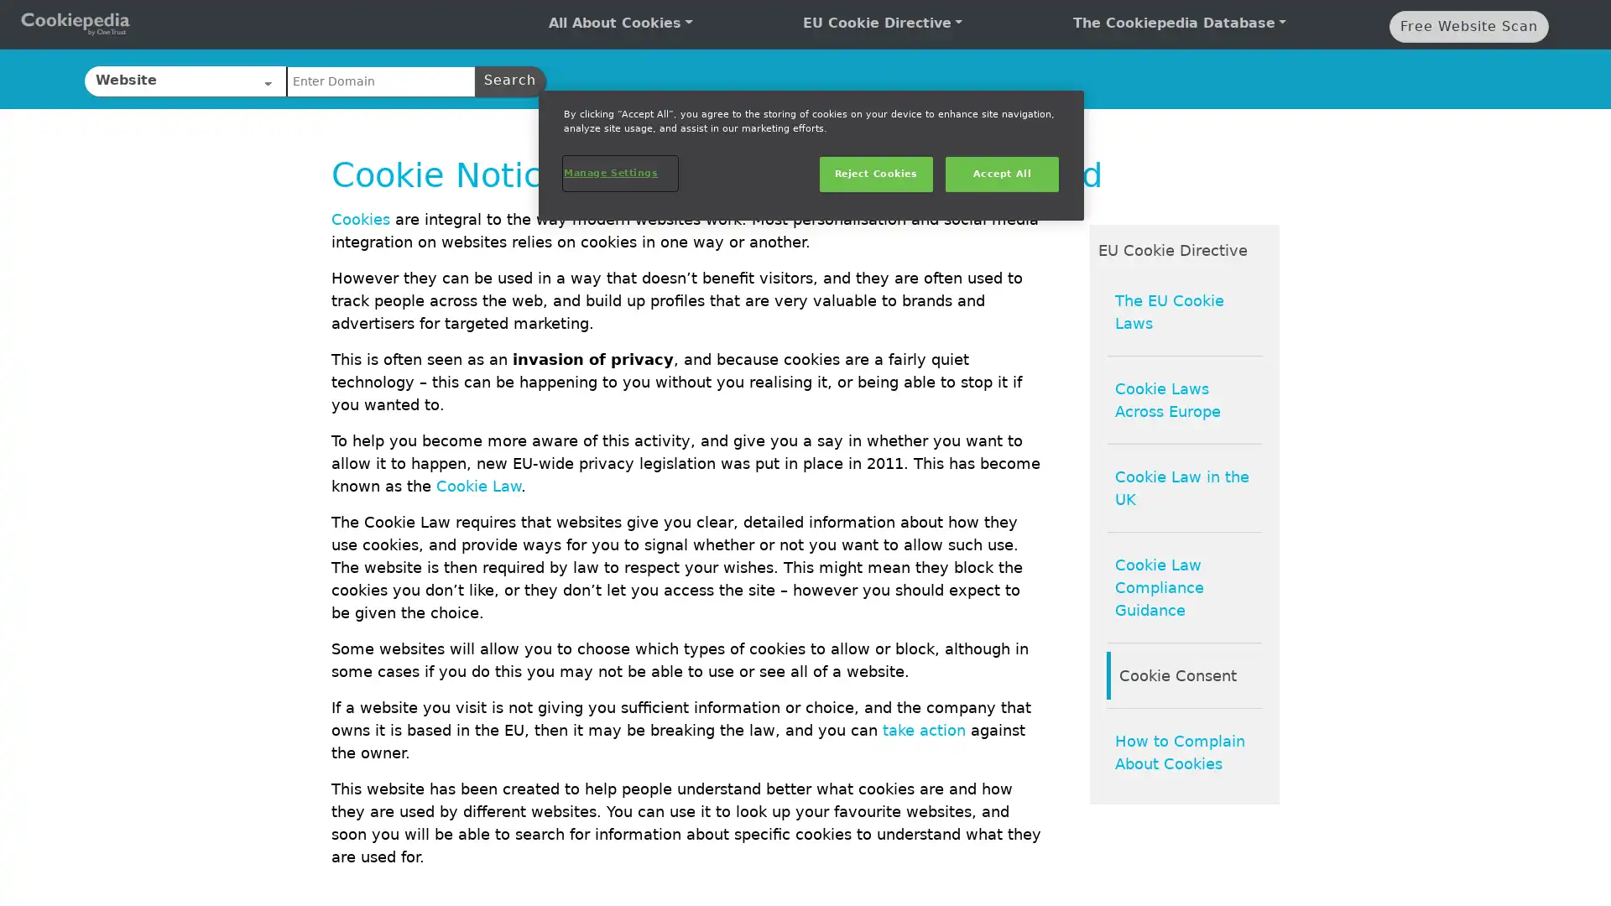 The image size is (1611, 906). Describe the element at coordinates (874, 174) in the screenshot. I see `Reject Cookies` at that location.